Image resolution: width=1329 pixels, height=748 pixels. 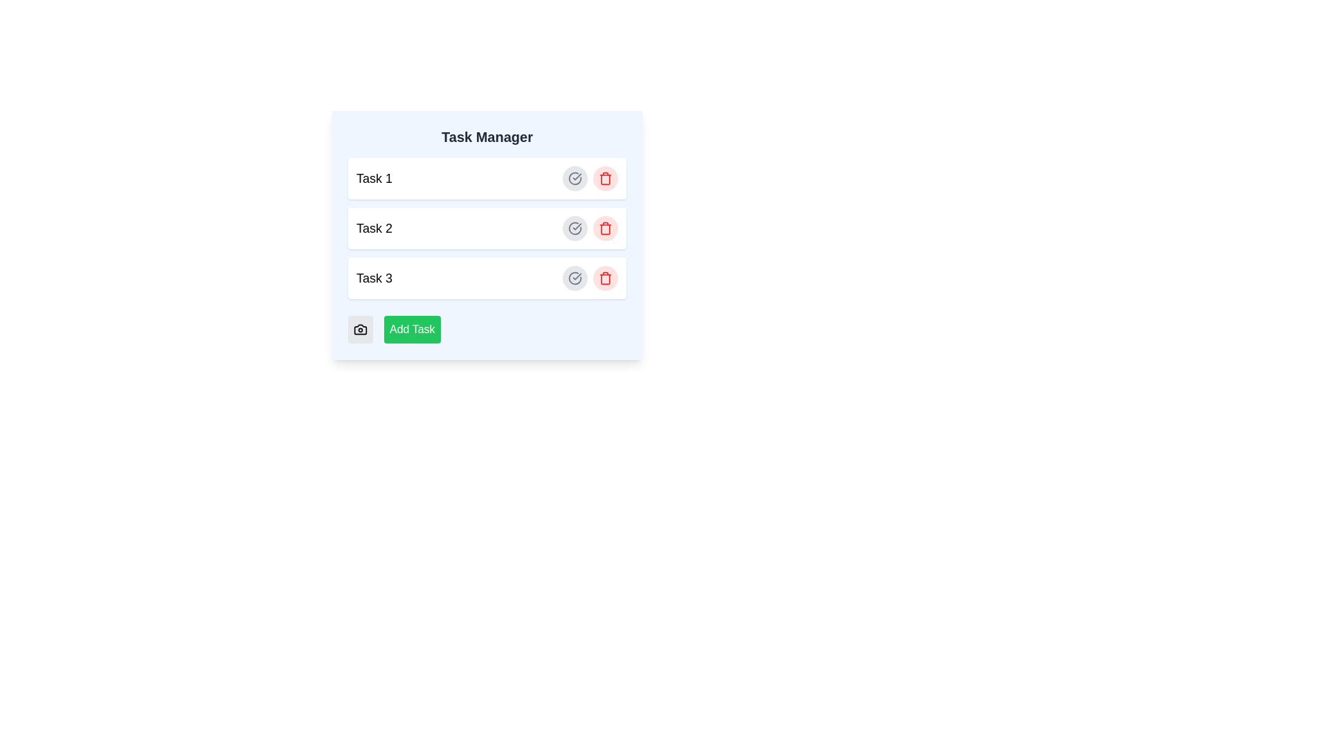 I want to click on the camera icon located to the left of the green 'Add Task' button in the task manager interface, so click(x=361, y=329).